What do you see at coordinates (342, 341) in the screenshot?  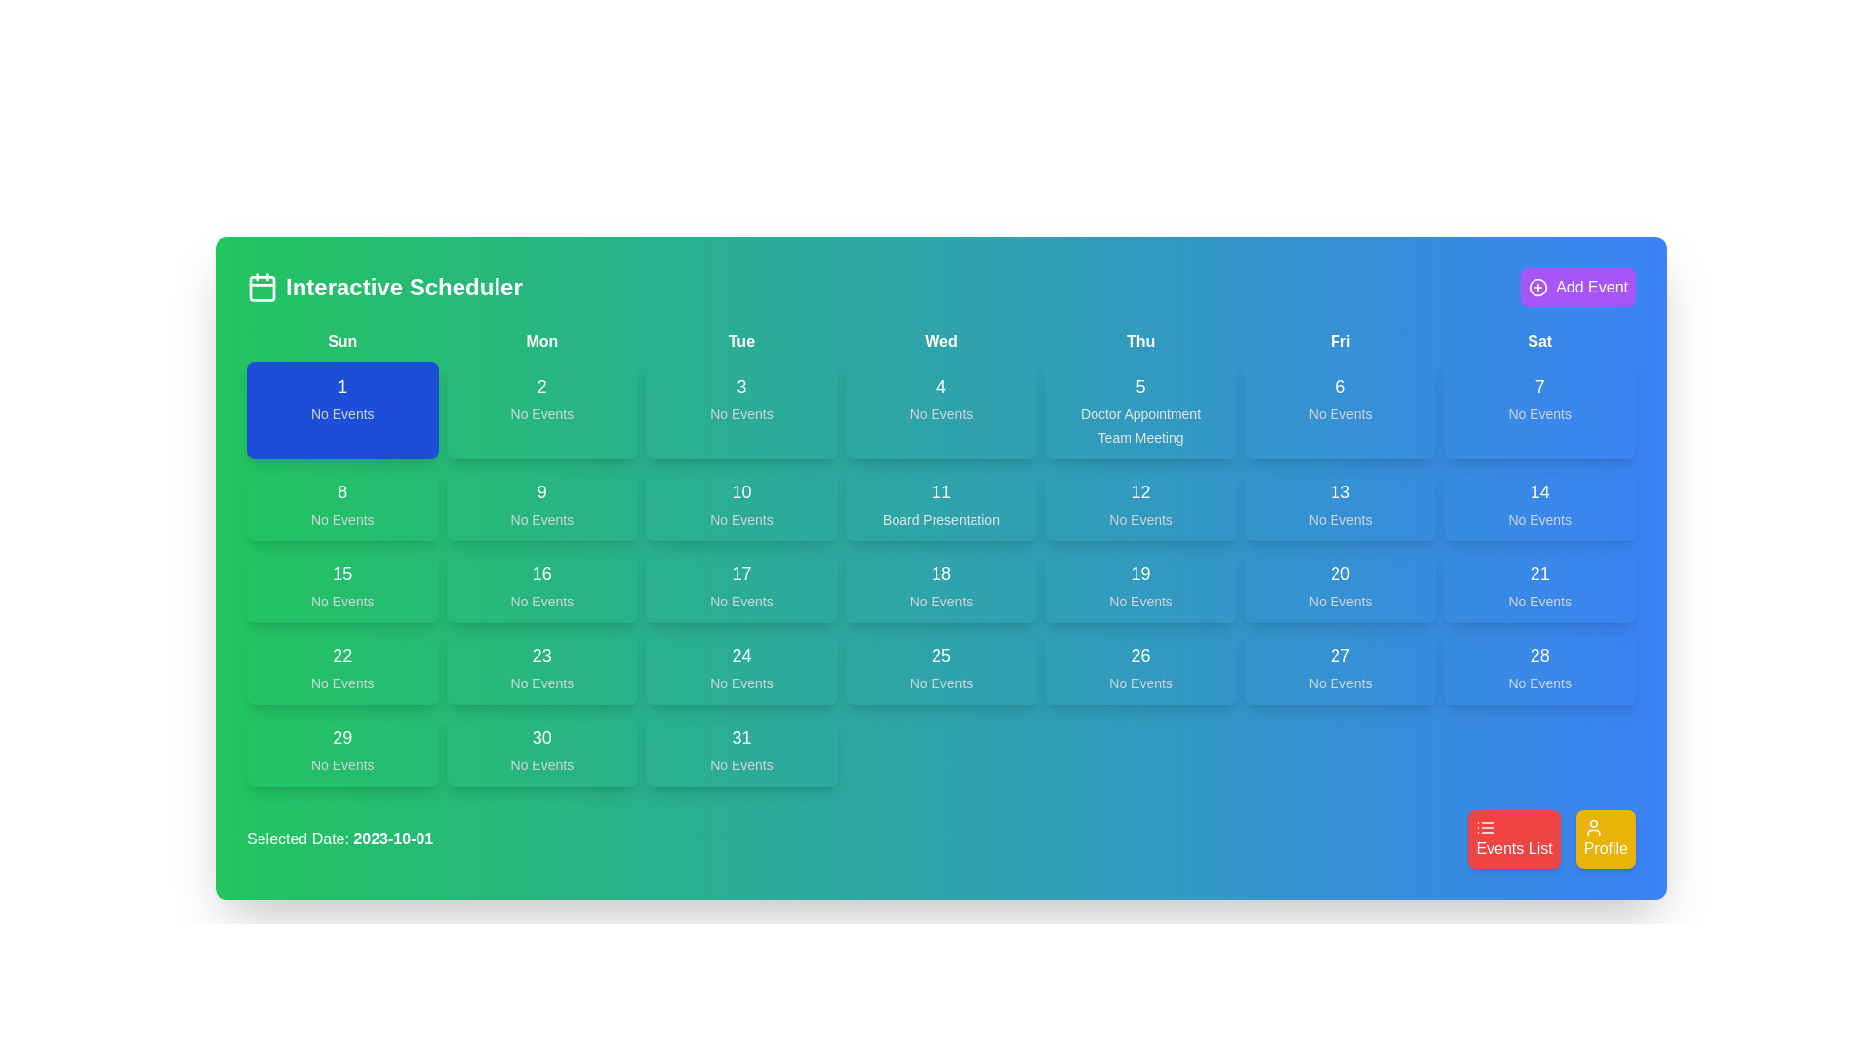 I see `the text label displaying 'Sun', which is the first day label in the row of days of the week` at bounding box center [342, 341].